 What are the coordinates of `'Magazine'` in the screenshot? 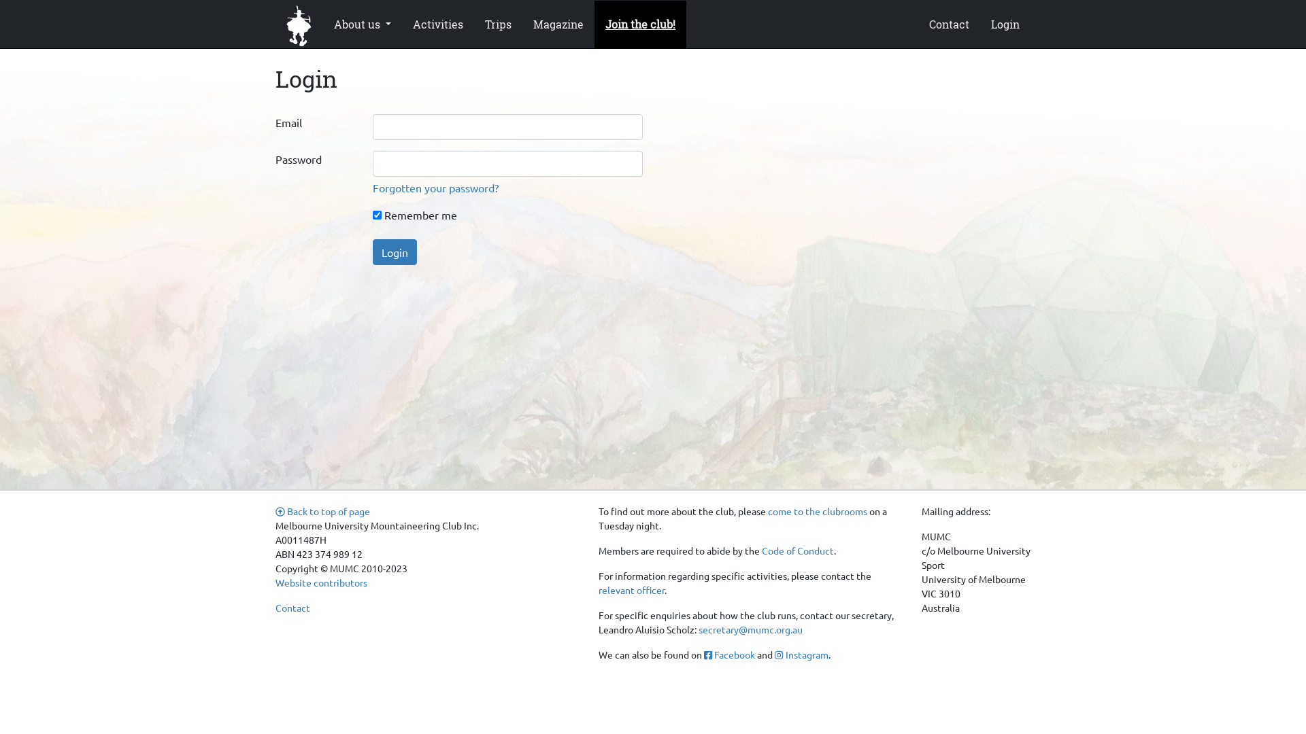 It's located at (558, 23).